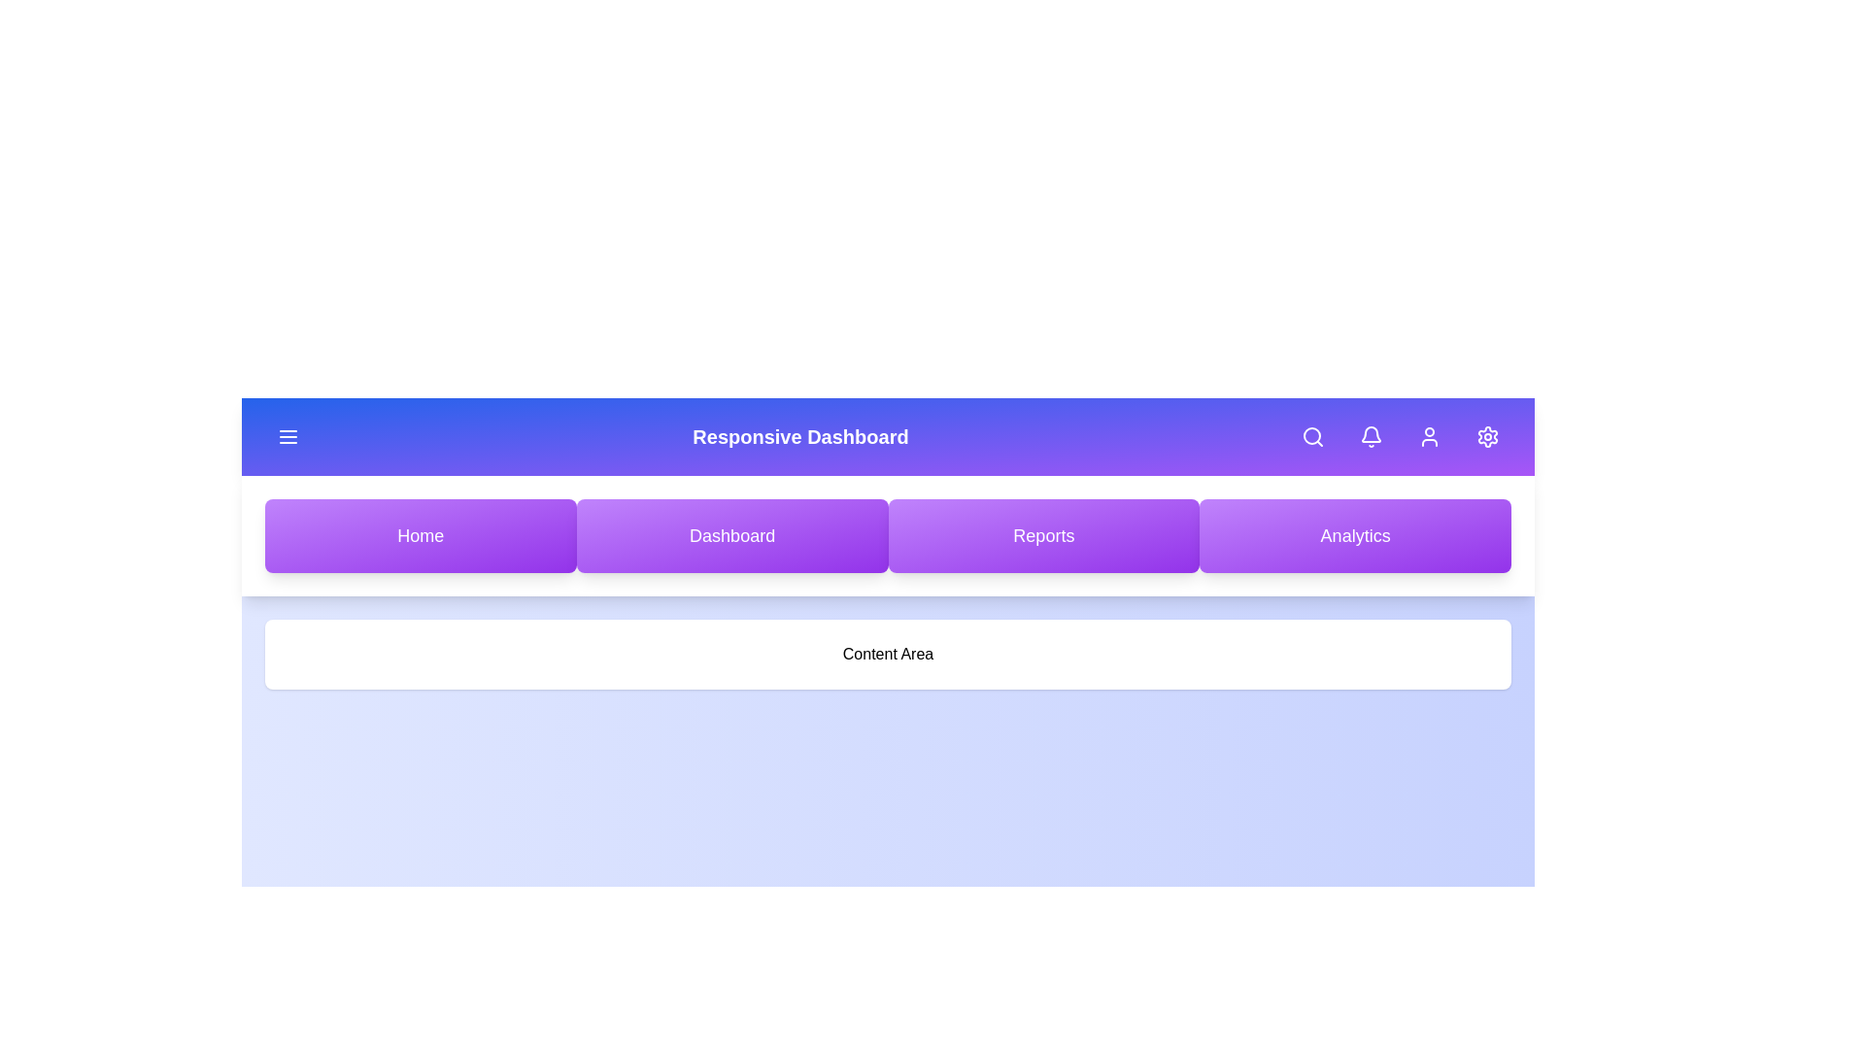 The height and width of the screenshot is (1049, 1865). I want to click on the Home button to navigate to the respective section, so click(420, 535).